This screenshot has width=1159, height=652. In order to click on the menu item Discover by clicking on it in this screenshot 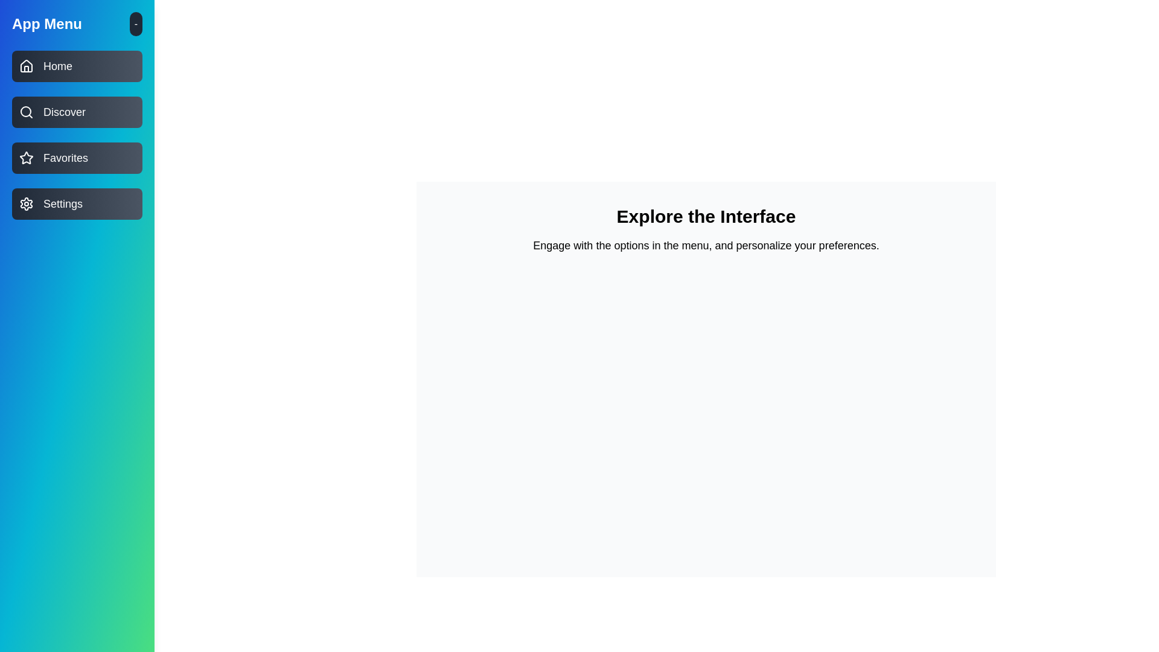, I will do `click(77, 112)`.